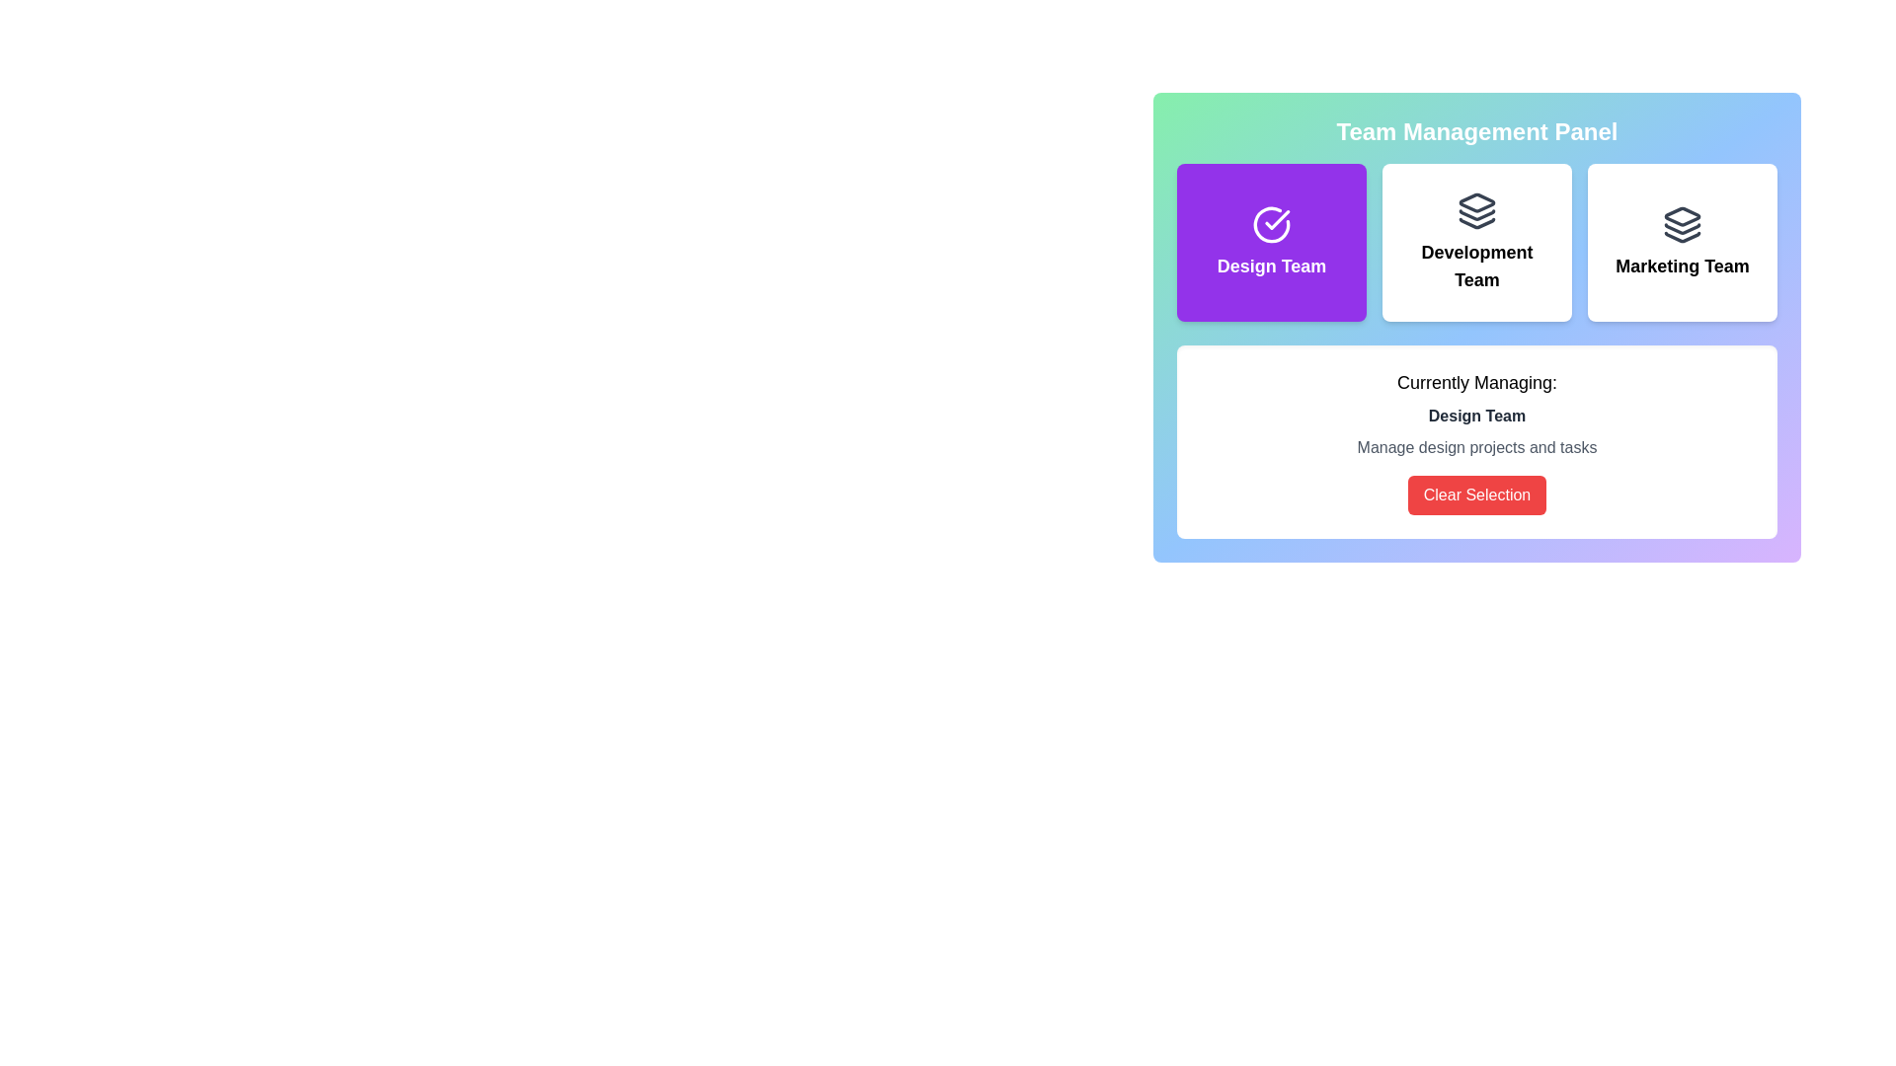  I want to click on the 'Development Team' button located in the middle of the three buttons under the 'Team Management Panel', so click(1477, 242).